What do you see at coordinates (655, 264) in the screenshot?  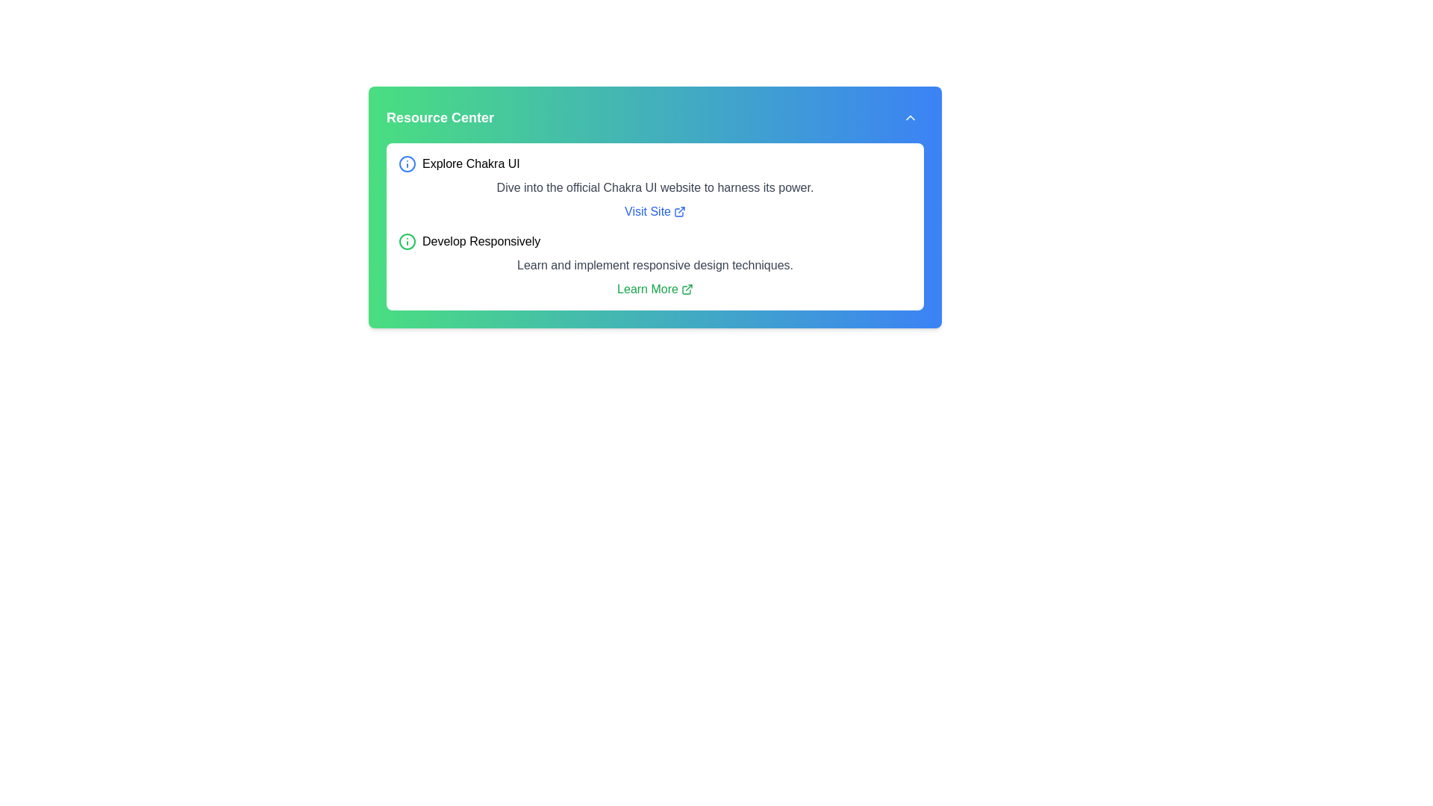 I see `the informational text block titled 'Develop Responsively', which includes the link 'Learn More' at the bottom` at bounding box center [655, 264].